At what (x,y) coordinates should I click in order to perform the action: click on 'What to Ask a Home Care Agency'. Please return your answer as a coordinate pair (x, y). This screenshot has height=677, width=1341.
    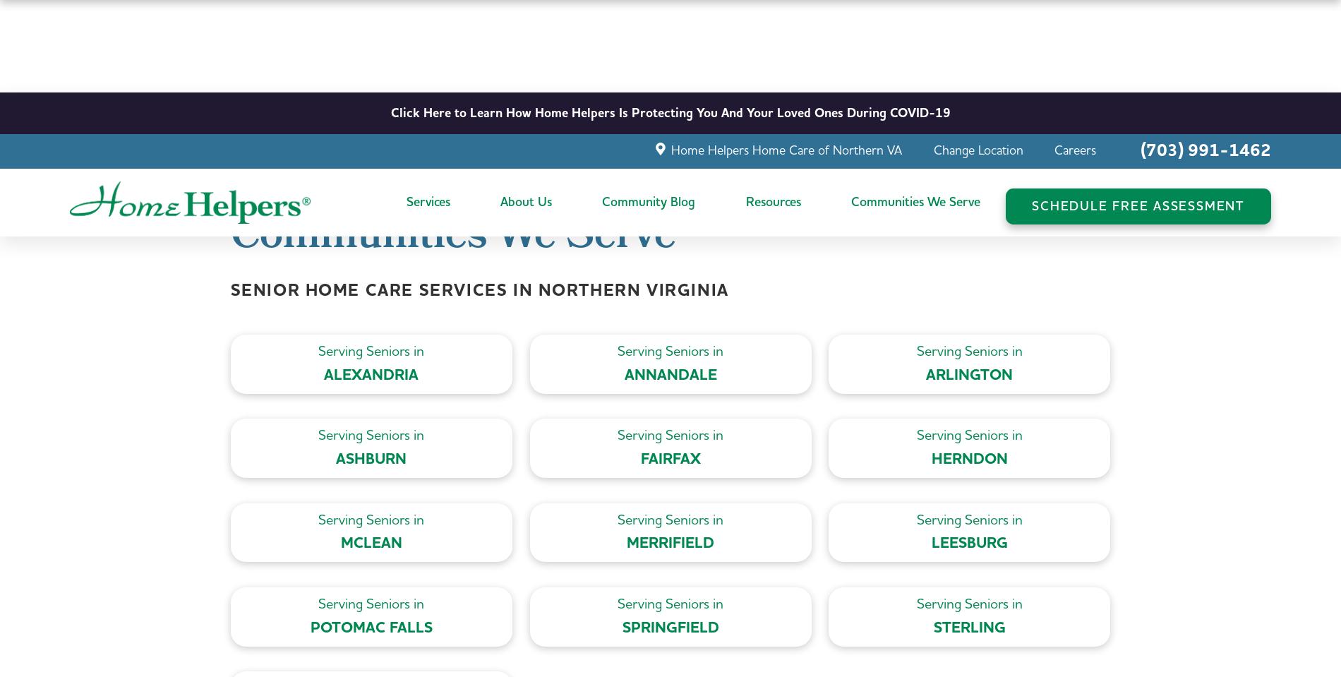
    Looking at the image, I should click on (838, 180).